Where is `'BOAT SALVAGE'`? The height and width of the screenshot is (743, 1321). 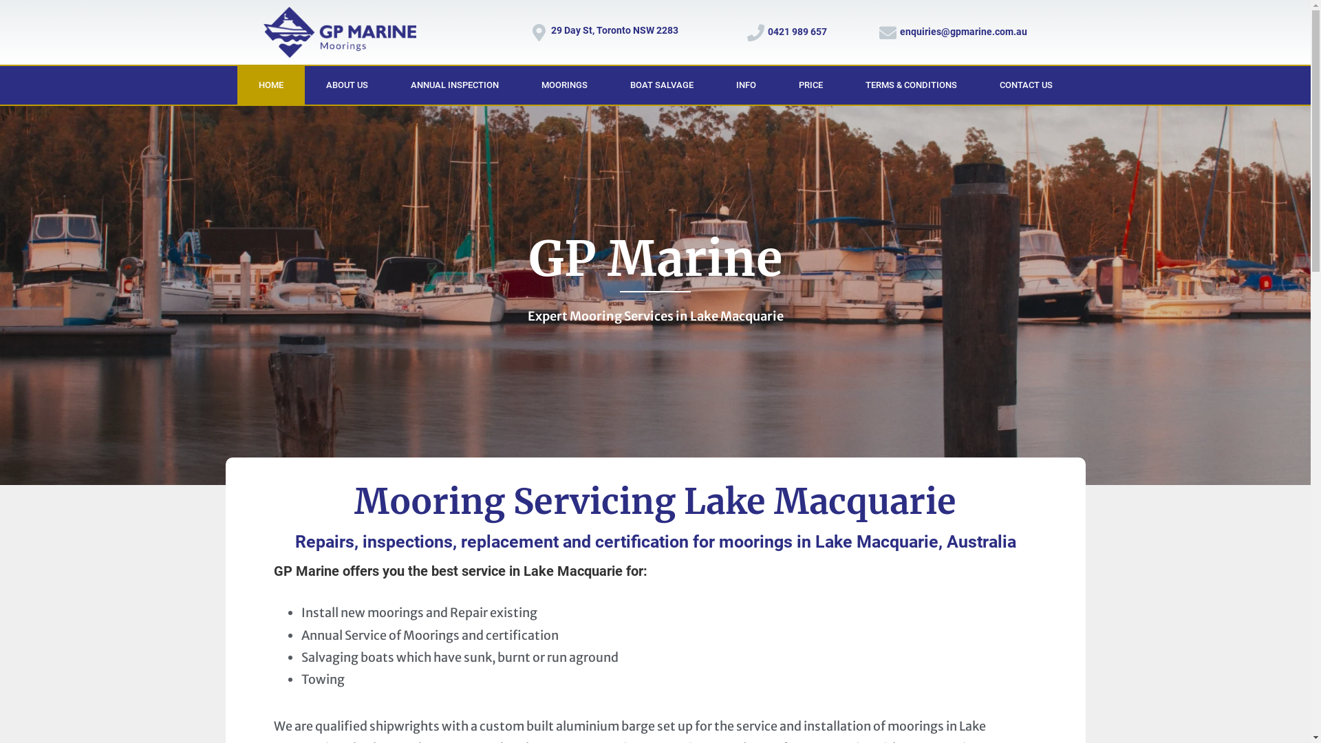 'BOAT SALVAGE' is located at coordinates (660, 85).